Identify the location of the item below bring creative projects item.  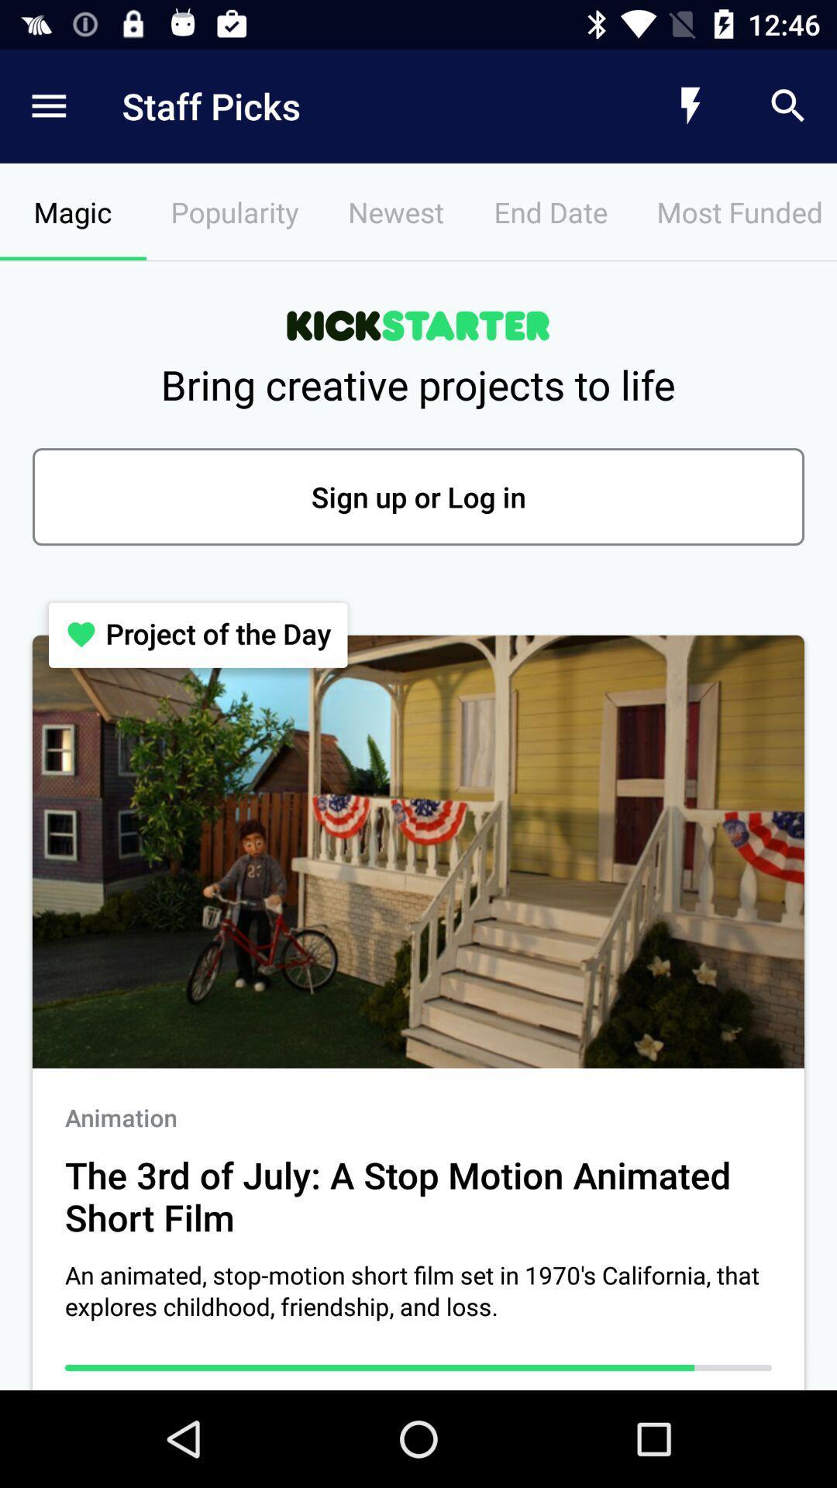
(418, 497).